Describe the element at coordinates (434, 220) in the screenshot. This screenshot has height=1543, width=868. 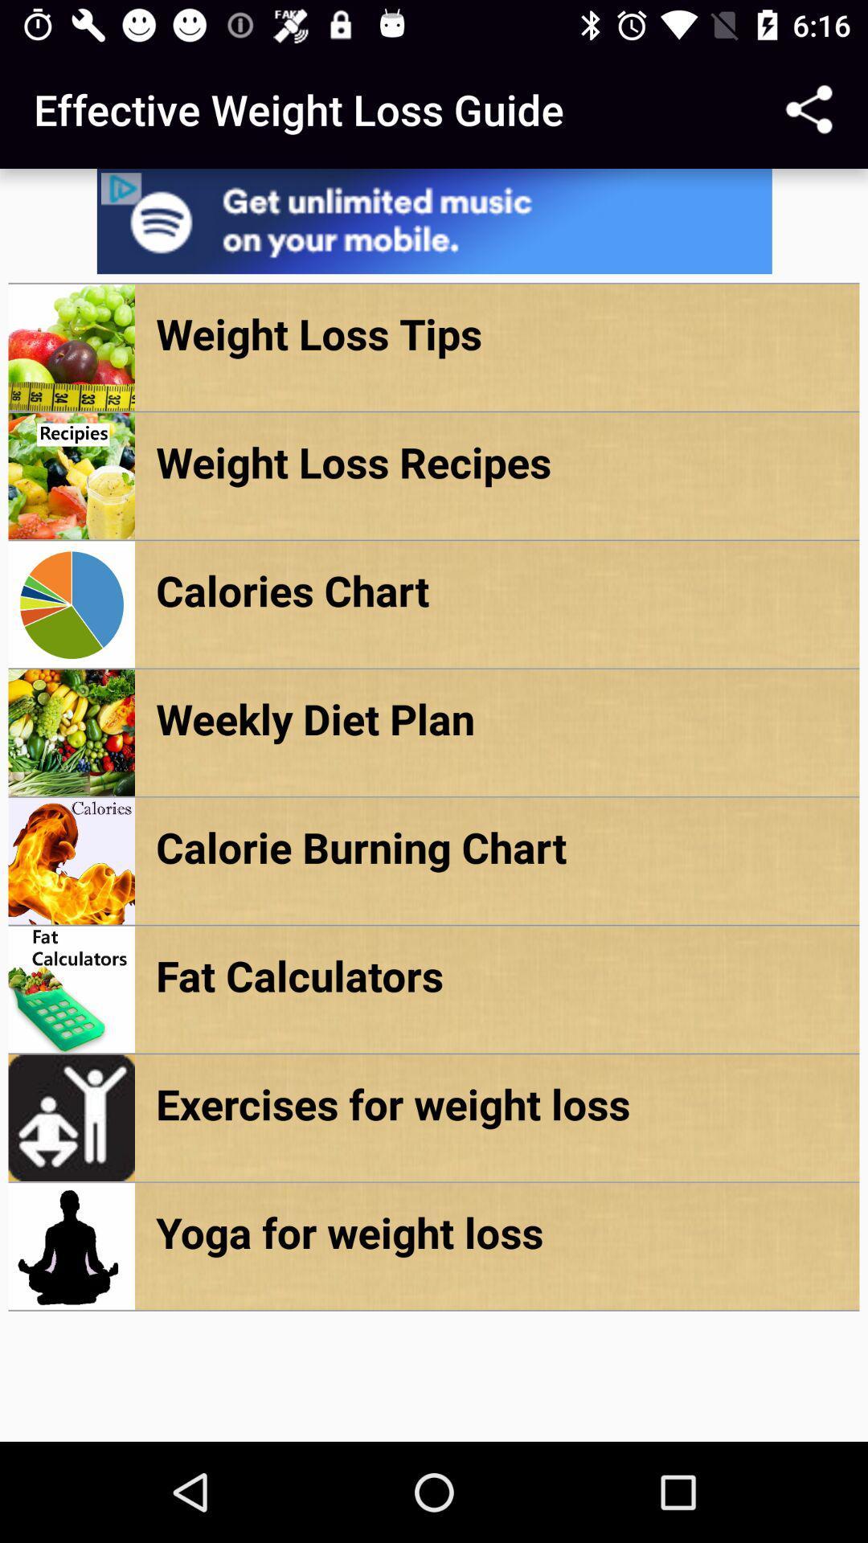
I see `advertisement` at that location.